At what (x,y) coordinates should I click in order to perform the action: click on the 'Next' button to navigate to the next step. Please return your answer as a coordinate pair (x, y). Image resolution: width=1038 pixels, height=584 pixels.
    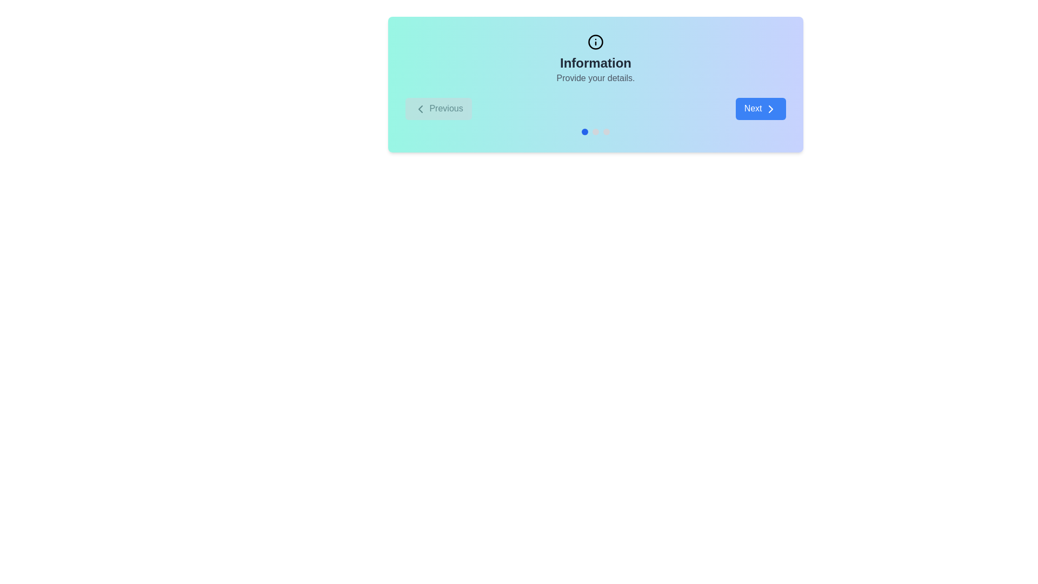
    Looking at the image, I should click on (760, 108).